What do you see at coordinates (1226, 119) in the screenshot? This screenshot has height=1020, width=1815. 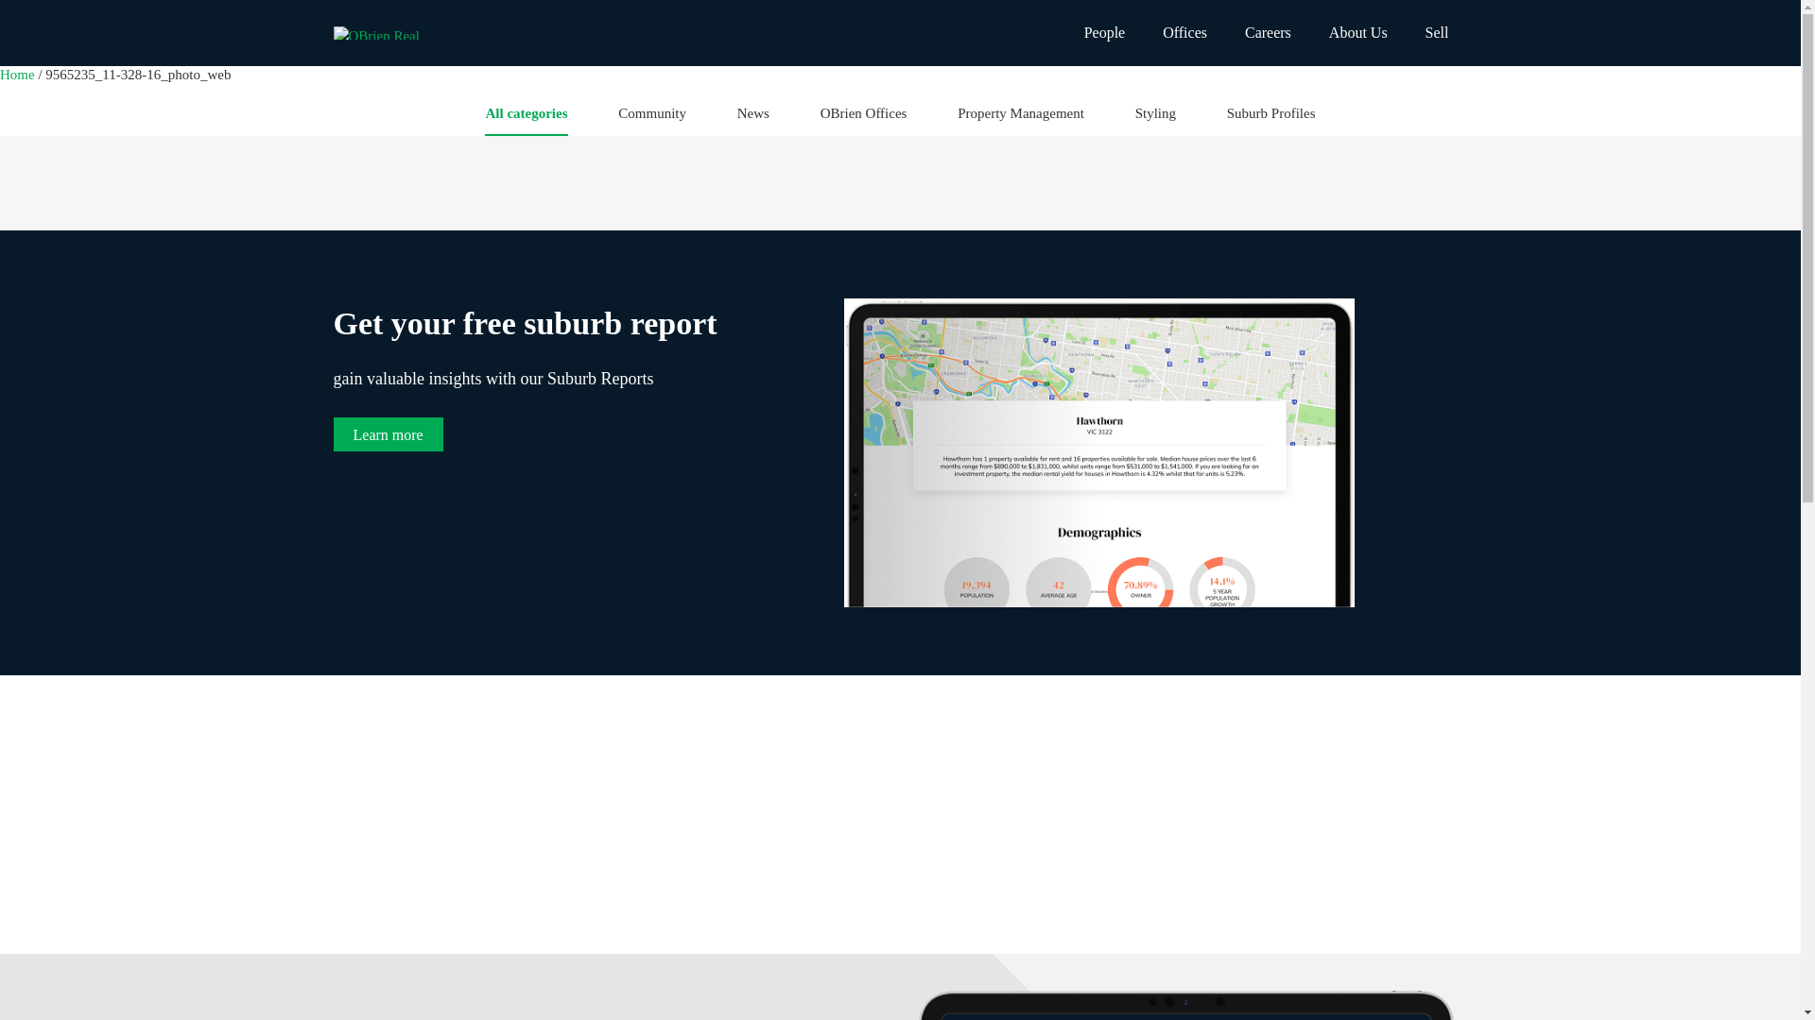 I see `'Suburb Profiles'` at bounding box center [1226, 119].